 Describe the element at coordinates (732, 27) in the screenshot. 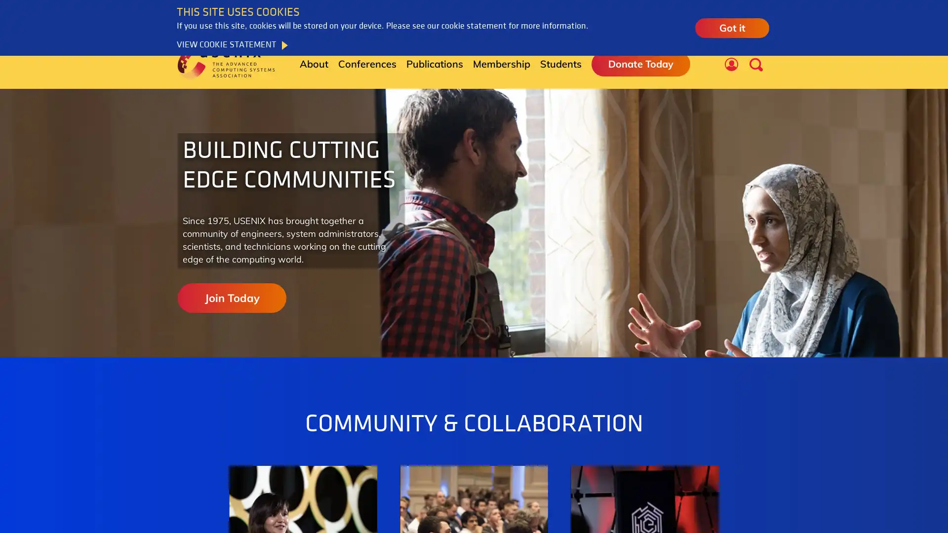

I see `Got it` at that location.